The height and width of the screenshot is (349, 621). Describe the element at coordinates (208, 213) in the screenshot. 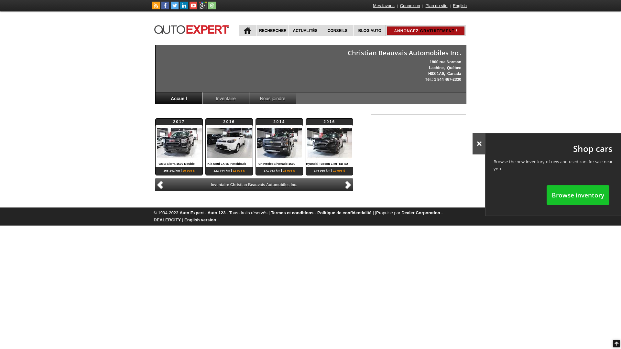

I see `'Auto 123'` at that location.